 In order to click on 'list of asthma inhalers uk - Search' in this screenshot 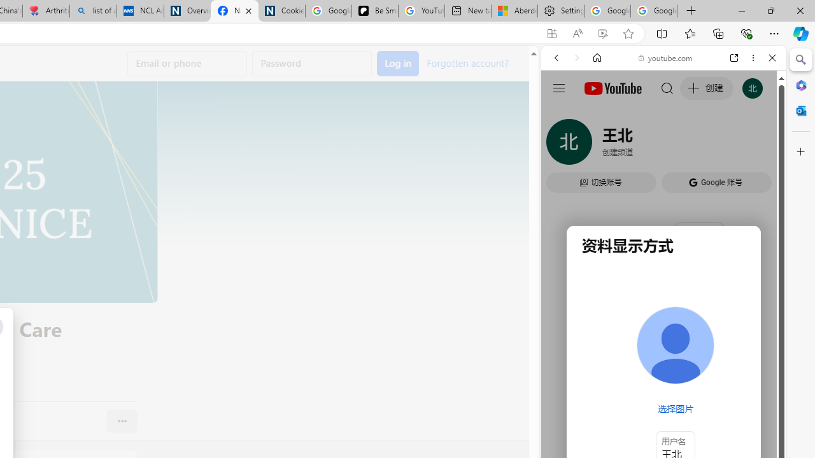, I will do `click(92, 11)`.